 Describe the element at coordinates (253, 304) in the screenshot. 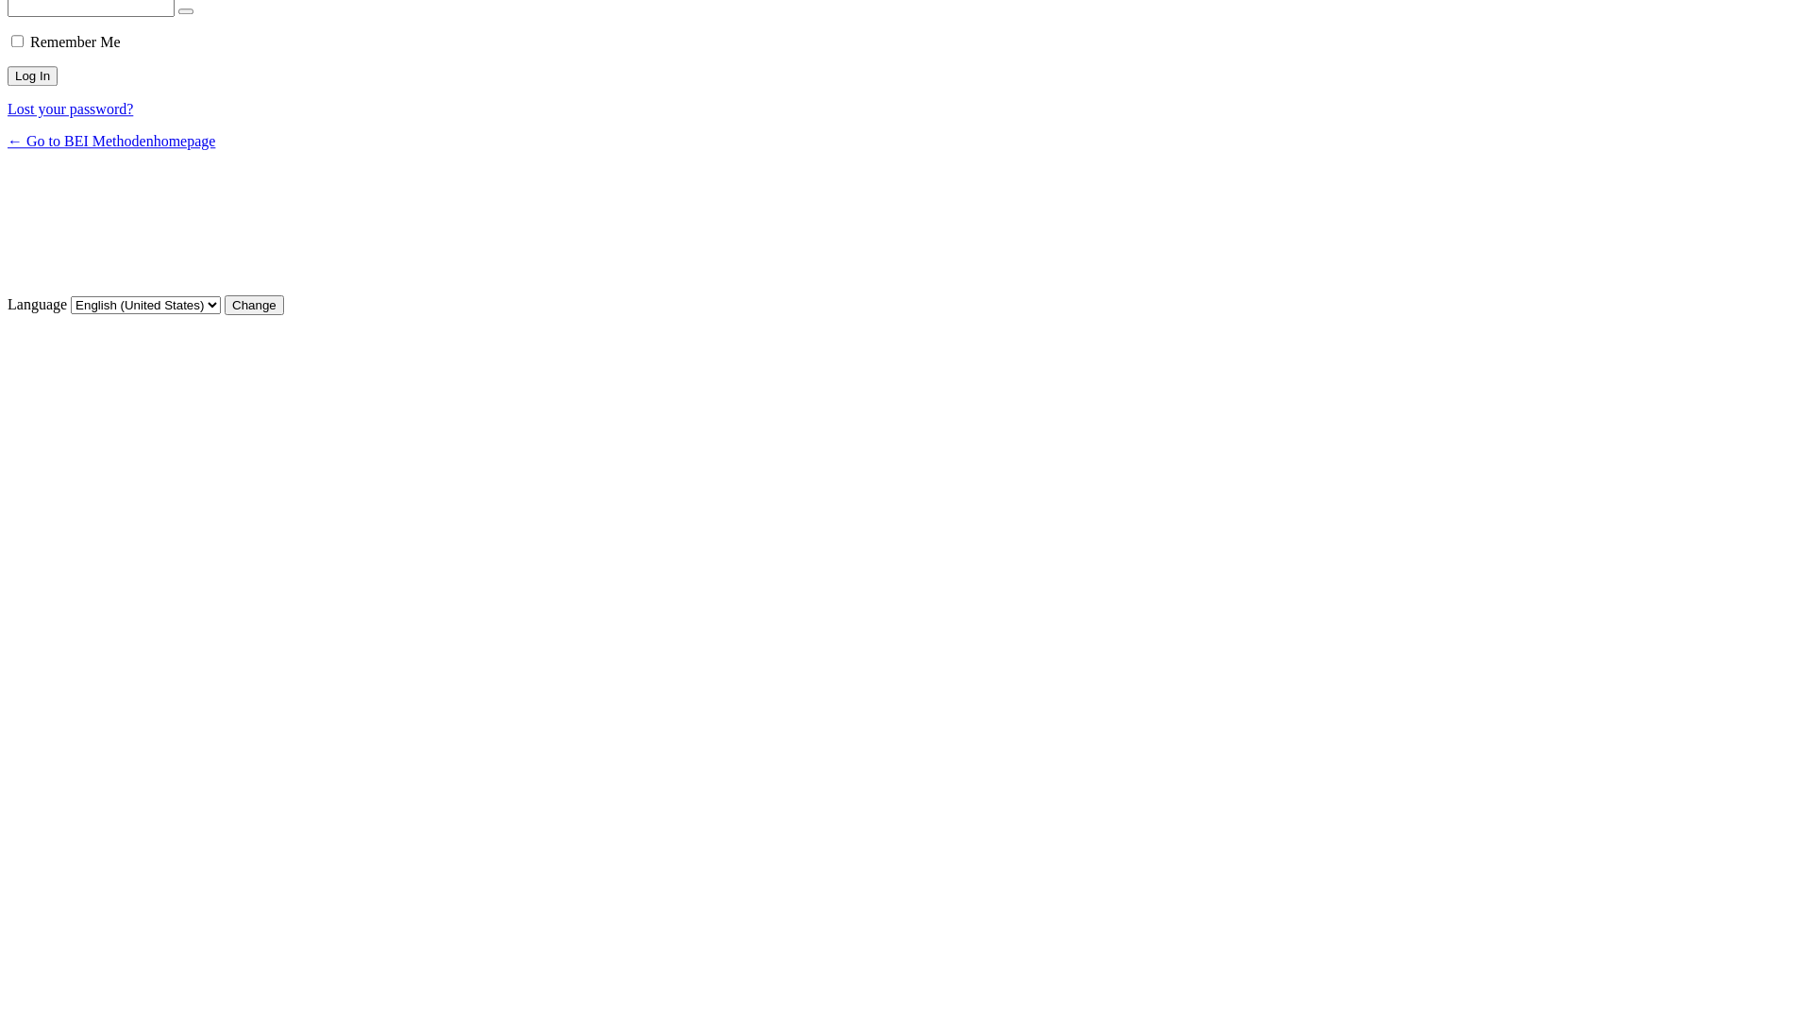

I see `'Change'` at that location.